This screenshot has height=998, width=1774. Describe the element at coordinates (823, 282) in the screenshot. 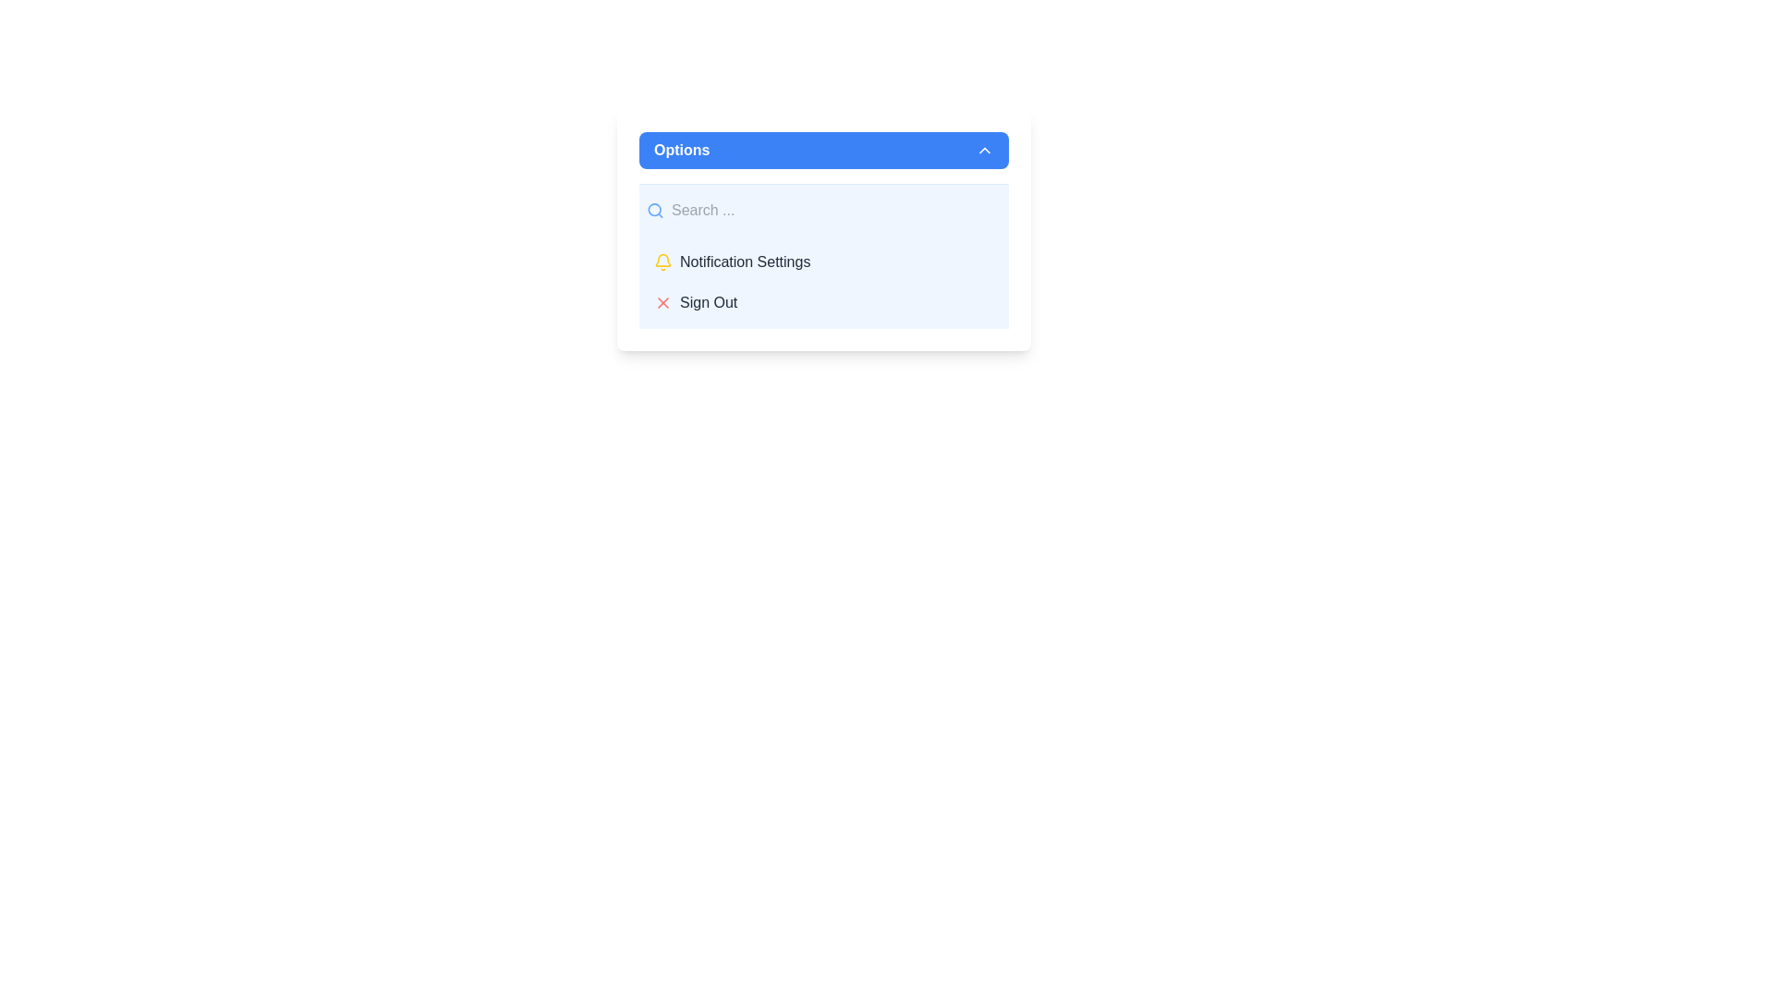

I see `the Dropdown menu option group that contains 'Notification Settings' with a yellow bell icon and 'Sign Out' with a red 'X' icon, located centrally beneath a search bar` at that location.